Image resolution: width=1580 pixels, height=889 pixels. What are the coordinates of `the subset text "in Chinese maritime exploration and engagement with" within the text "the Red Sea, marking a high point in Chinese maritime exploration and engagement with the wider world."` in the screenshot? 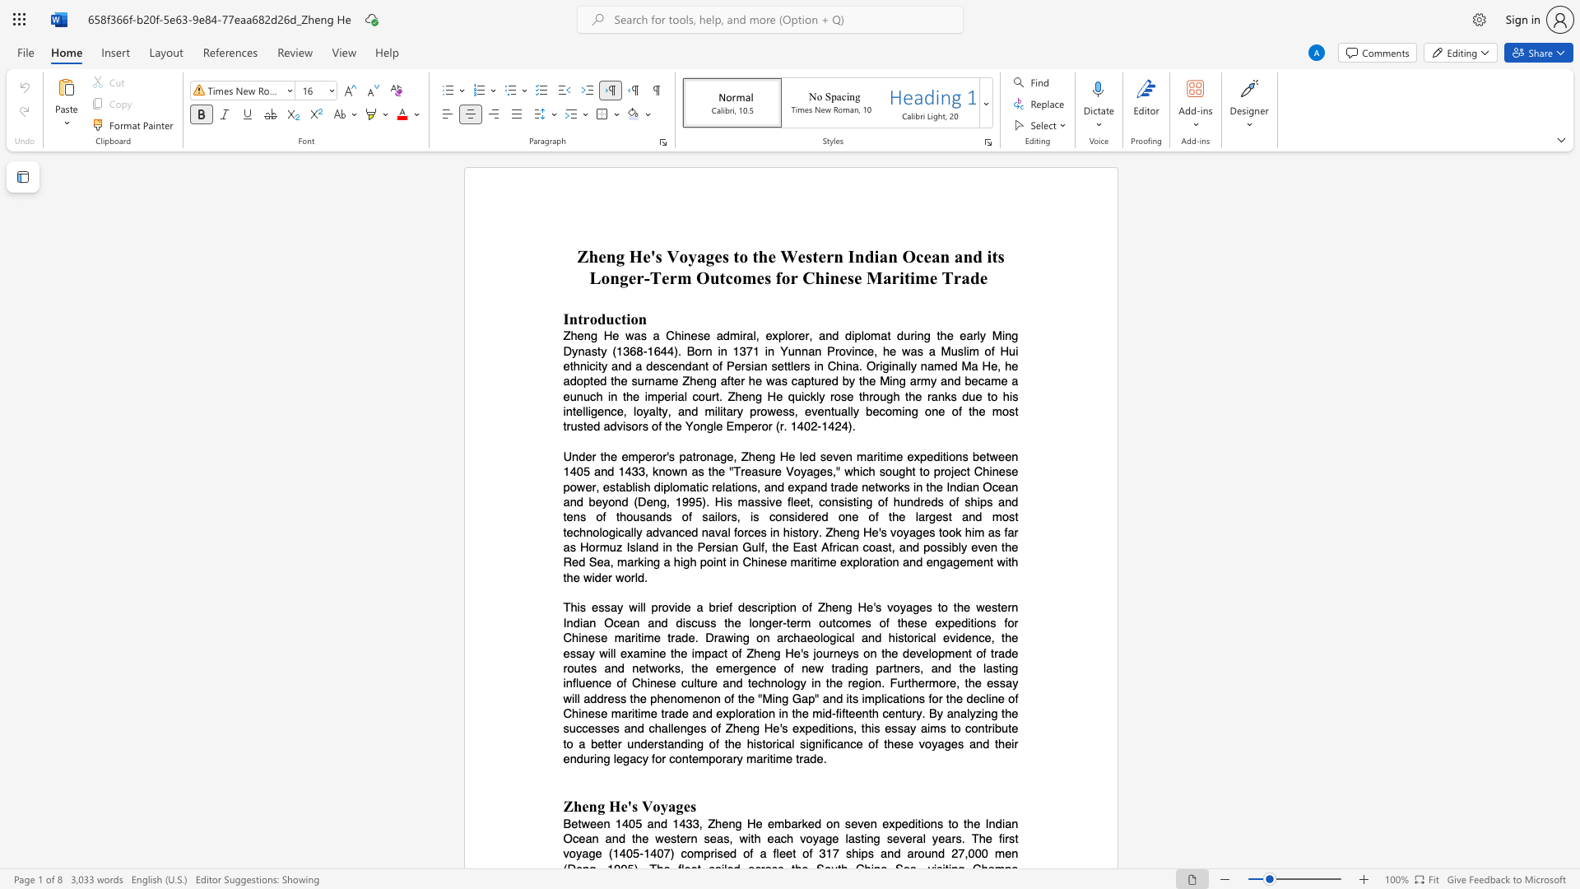 It's located at (728, 561).